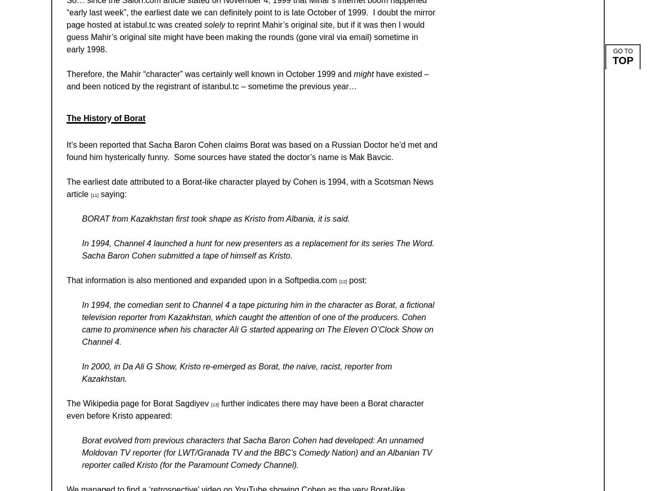 This screenshot has height=491, width=656. What do you see at coordinates (248, 80) in the screenshot?
I see `'have existed – and been noticed by the registrant of istanbul.tc – sometime the previous year…'` at bounding box center [248, 80].